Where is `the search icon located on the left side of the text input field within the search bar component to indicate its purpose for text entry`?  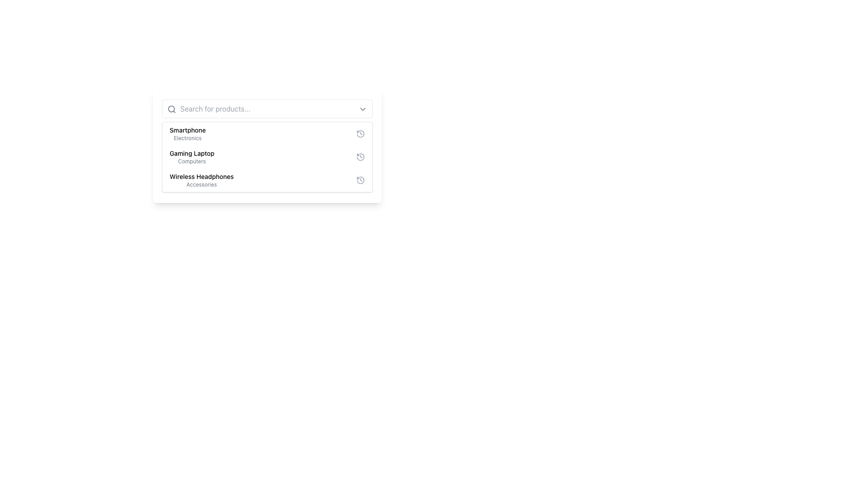 the search icon located on the left side of the text input field within the search bar component to indicate its purpose for text entry is located at coordinates (171, 109).